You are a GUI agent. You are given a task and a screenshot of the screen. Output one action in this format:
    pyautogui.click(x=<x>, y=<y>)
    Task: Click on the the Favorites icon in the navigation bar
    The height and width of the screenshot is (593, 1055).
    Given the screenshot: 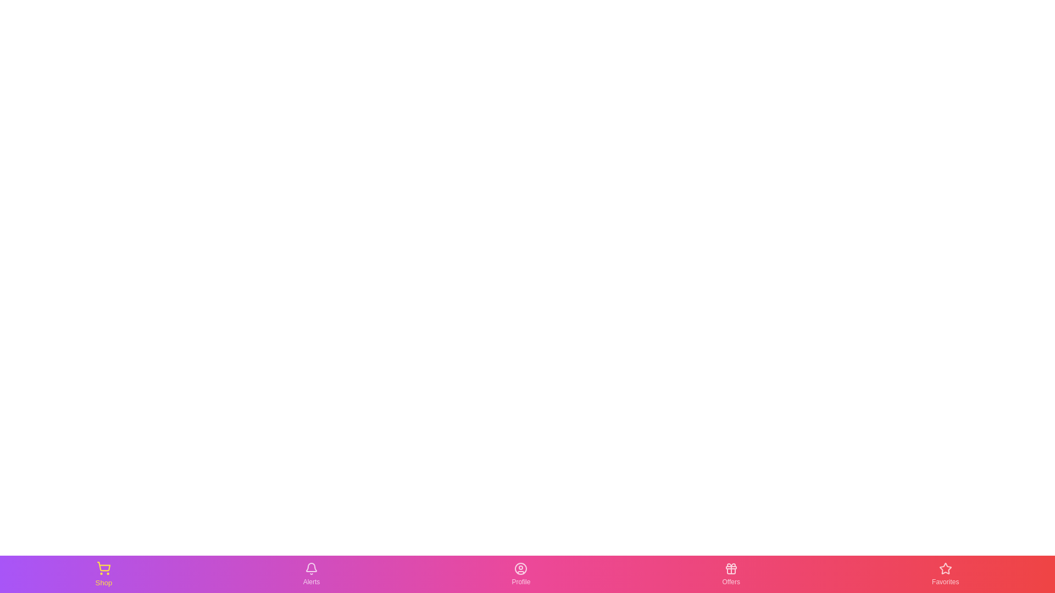 What is the action you would take?
    pyautogui.click(x=945, y=573)
    